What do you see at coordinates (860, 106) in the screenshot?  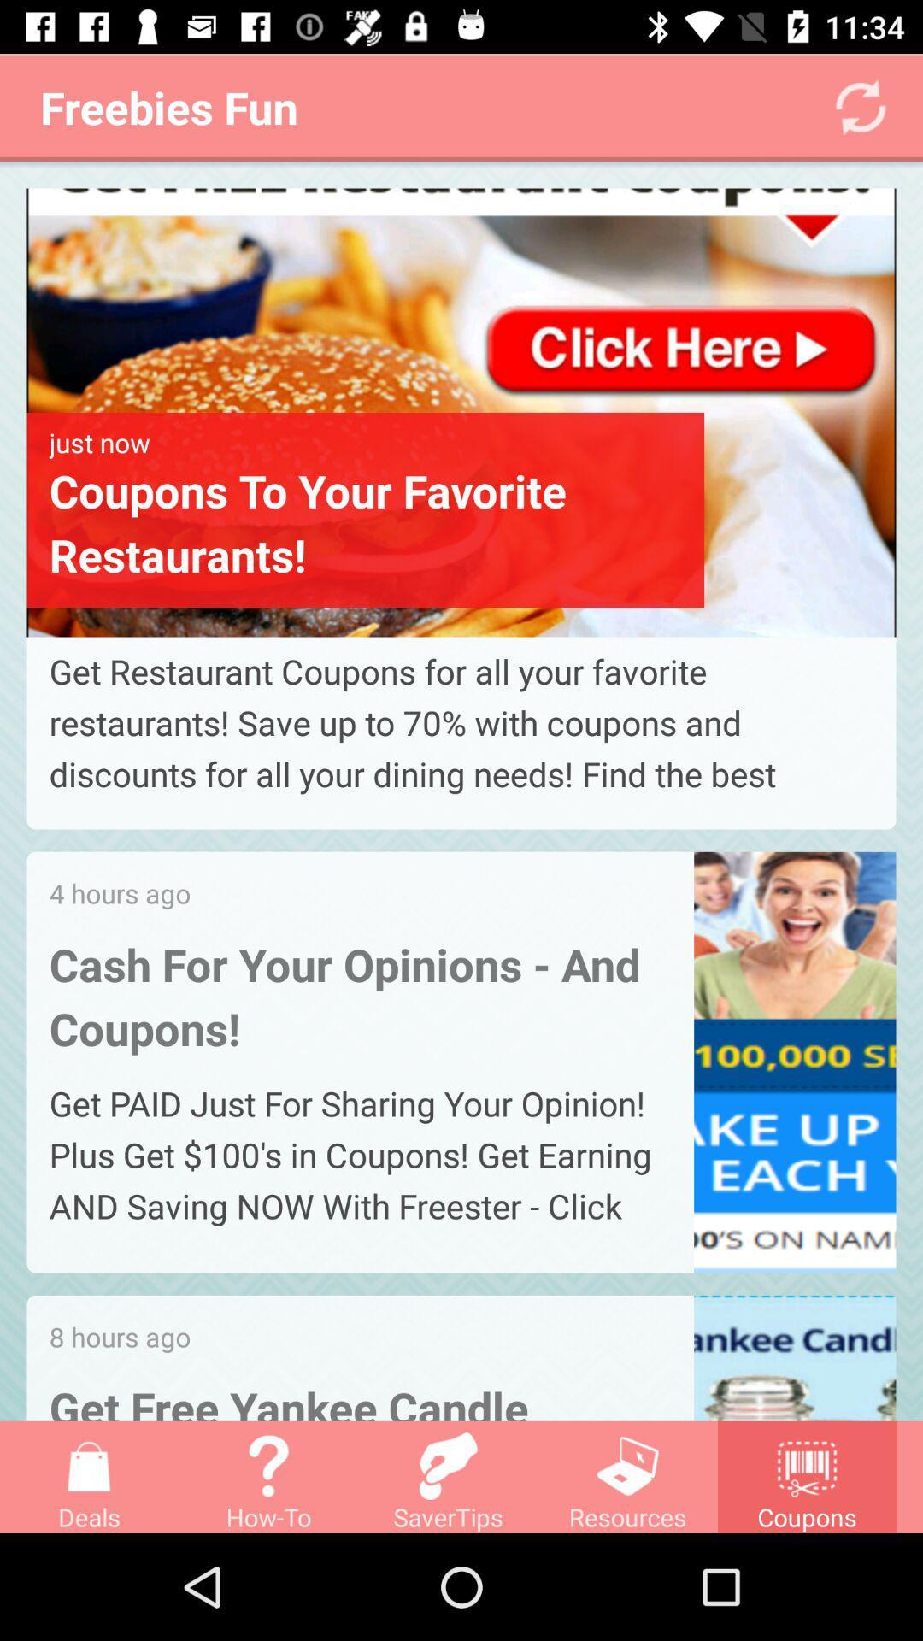 I see `the refresh icon` at bounding box center [860, 106].